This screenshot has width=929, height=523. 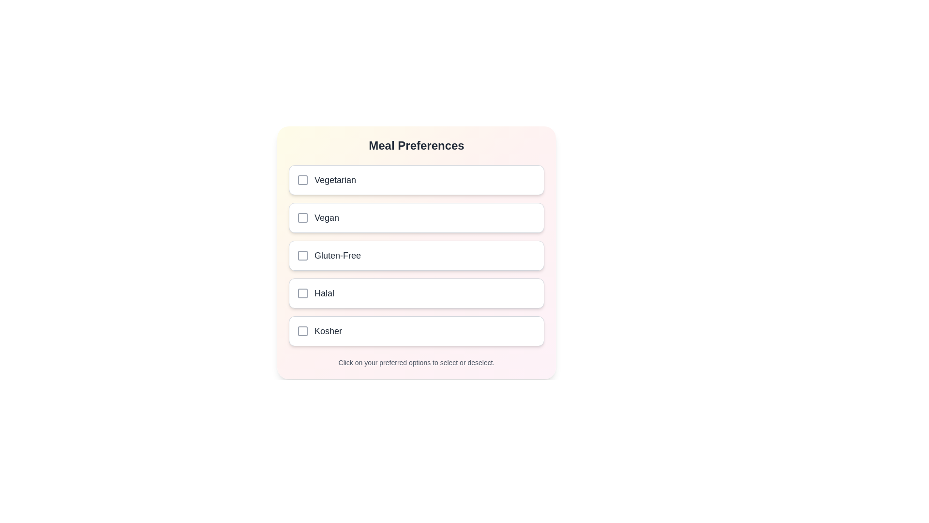 What do you see at coordinates (416, 180) in the screenshot?
I see `the meal preference Vegetarian` at bounding box center [416, 180].